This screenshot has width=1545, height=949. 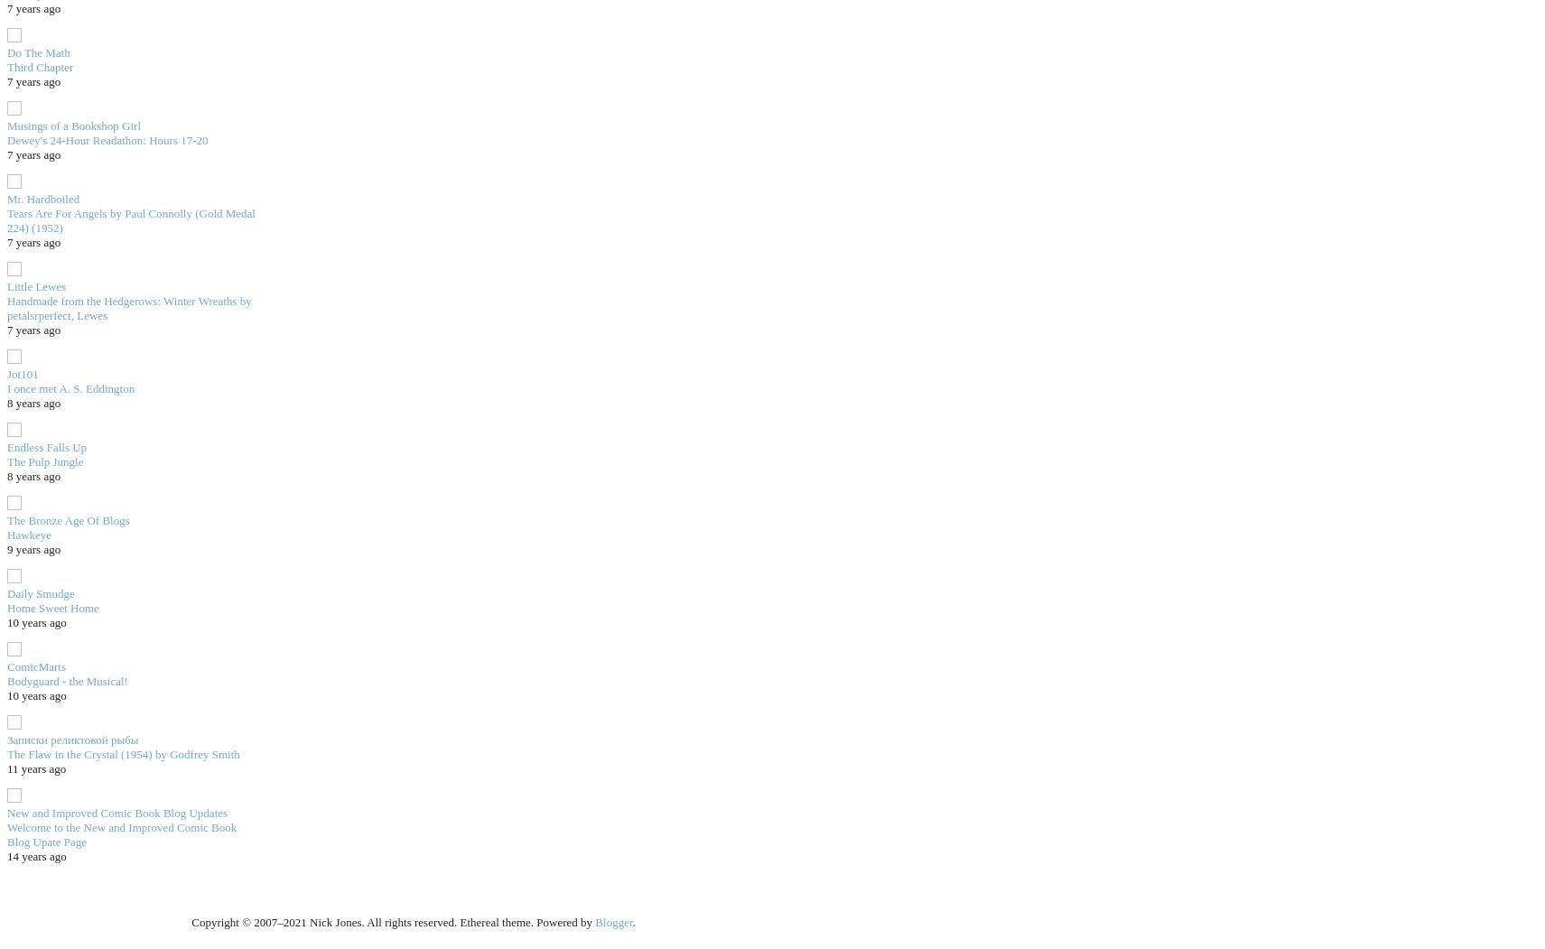 What do you see at coordinates (33, 547) in the screenshot?
I see `'9 years ago'` at bounding box center [33, 547].